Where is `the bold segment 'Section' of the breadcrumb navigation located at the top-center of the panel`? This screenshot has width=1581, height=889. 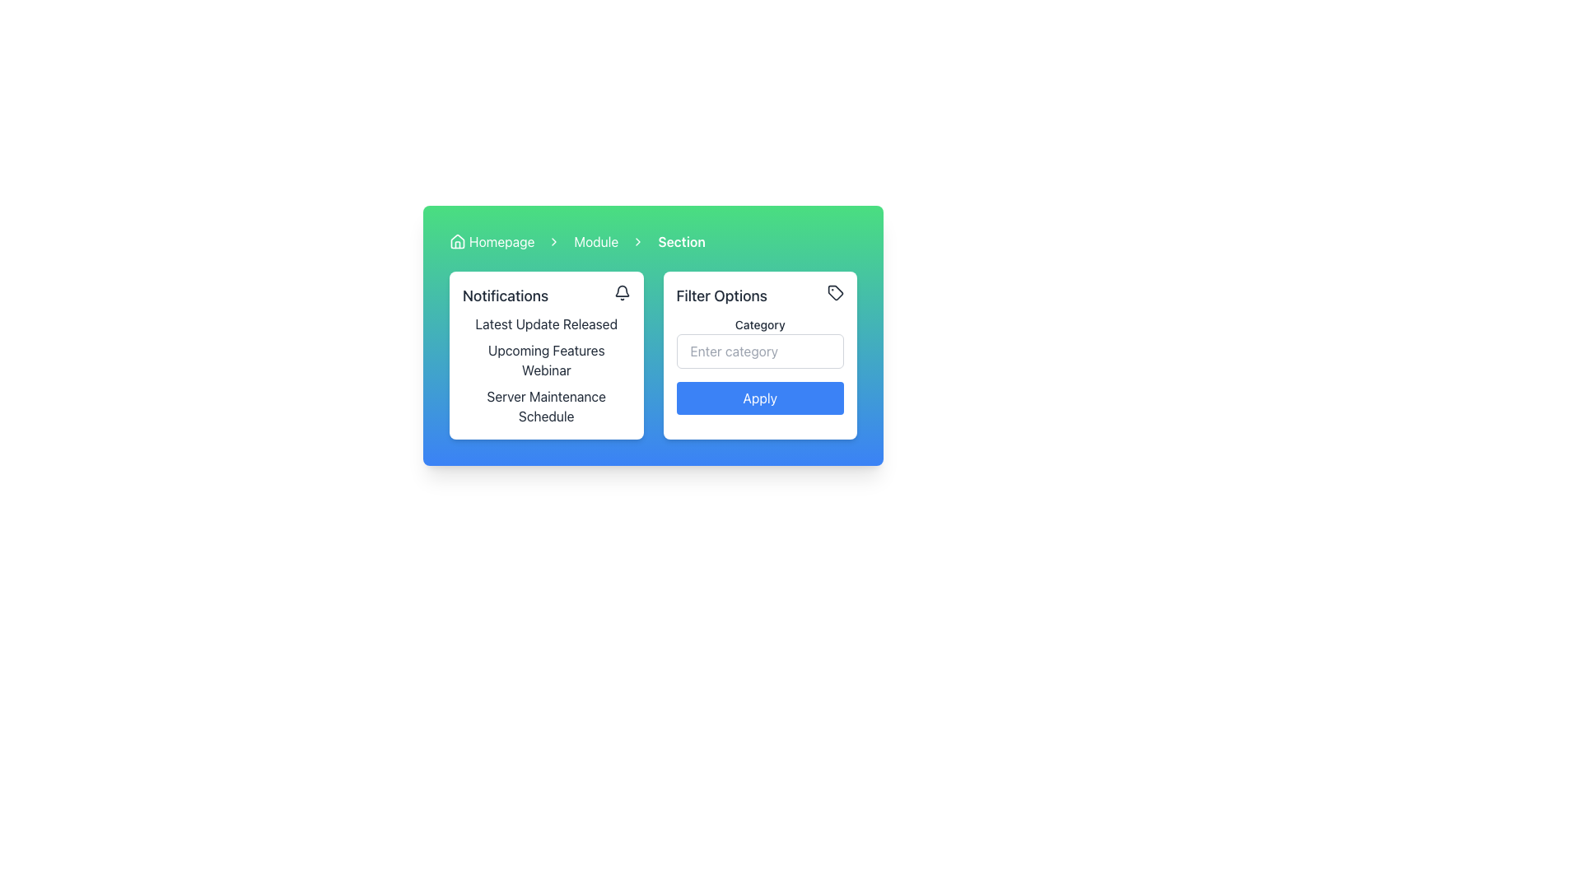 the bold segment 'Section' of the breadcrumb navigation located at the top-center of the panel is located at coordinates (652, 241).